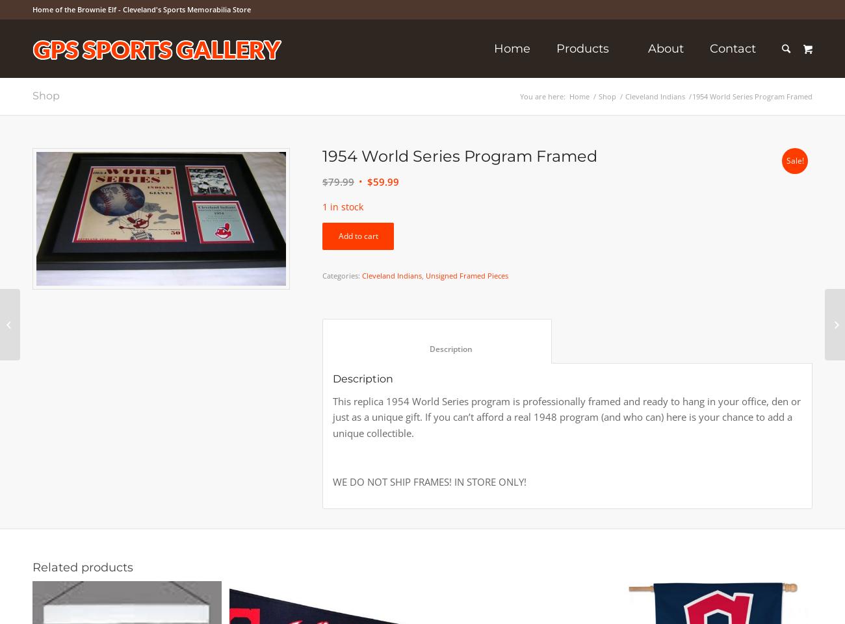 The height and width of the screenshot is (624, 845). Describe the element at coordinates (467, 275) in the screenshot. I see `'Unsigned Framed Pieces'` at that location.